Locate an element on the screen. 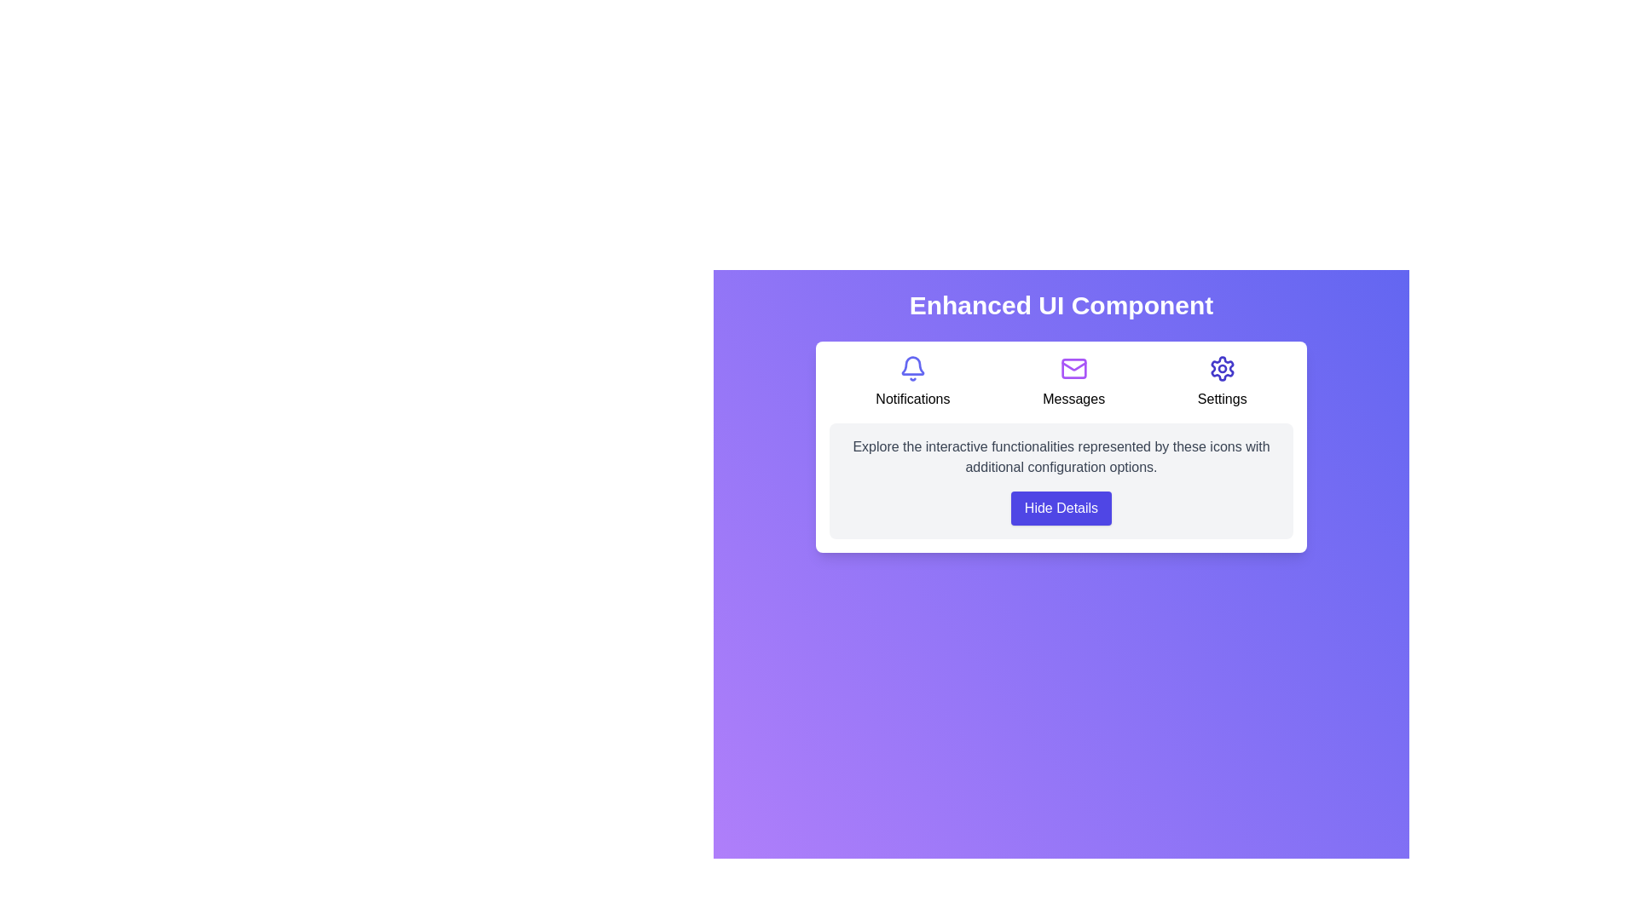 The width and height of the screenshot is (1637, 920). the decorative SVG graphic that is part of the mail icon, which is the second icon in a group of navigation icons labeled Notifications, Messages, and Settings is located at coordinates (1073, 367).